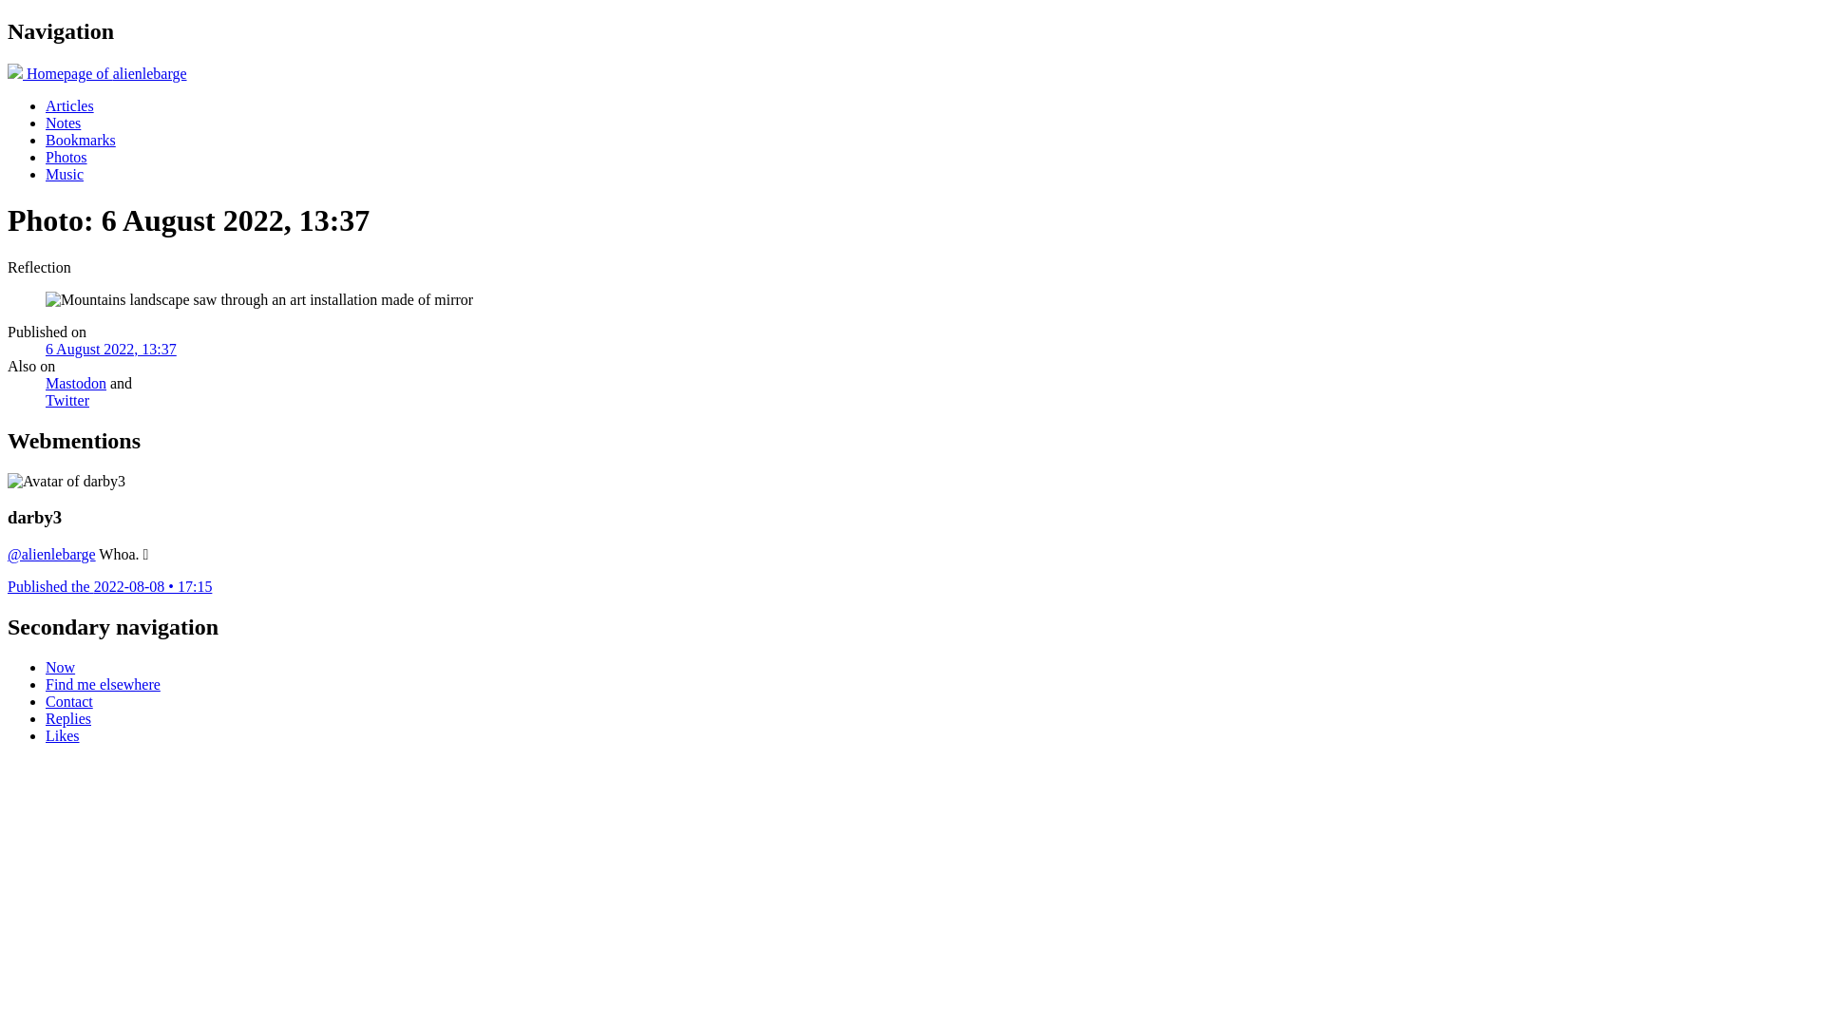 Image resolution: width=1824 pixels, height=1026 pixels. Describe the element at coordinates (51, 554) in the screenshot. I see `'@alienlebarge'` at that location.